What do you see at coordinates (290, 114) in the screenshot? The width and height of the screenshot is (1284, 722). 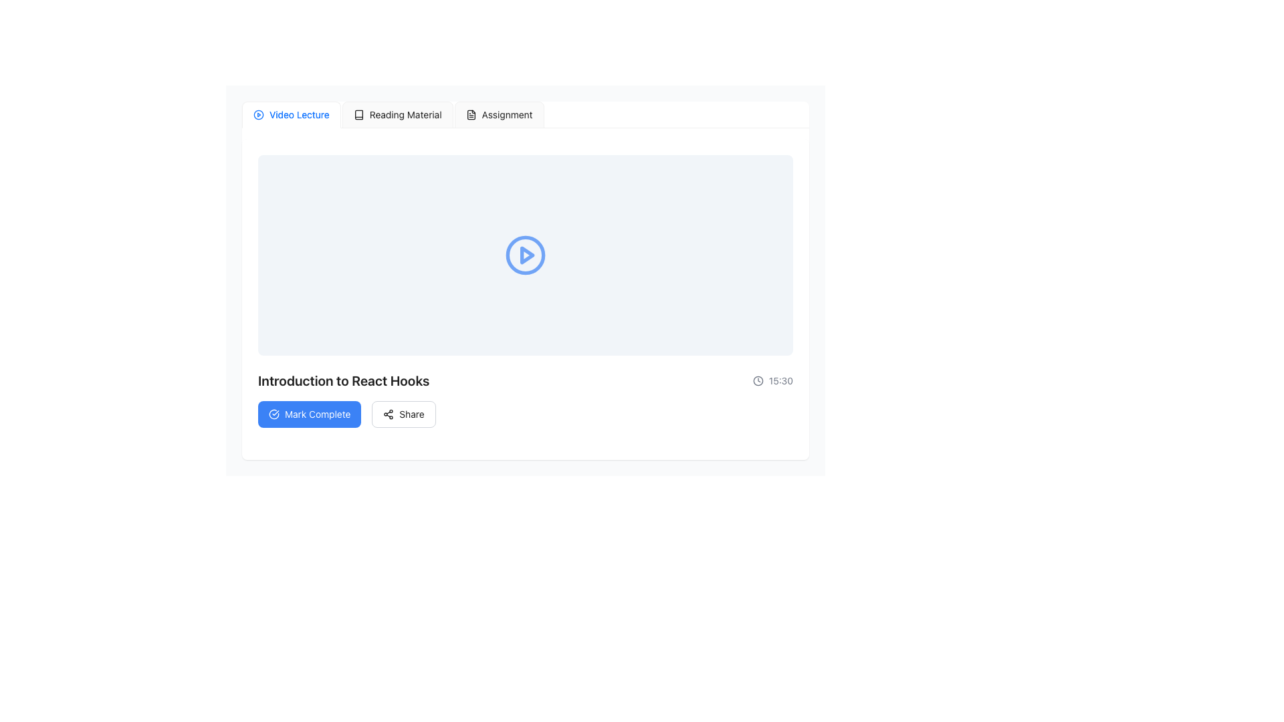 I see `the first tab on the top navigation bar that switches to 'Video Lecture' materials` at bounding box center [290, 114].